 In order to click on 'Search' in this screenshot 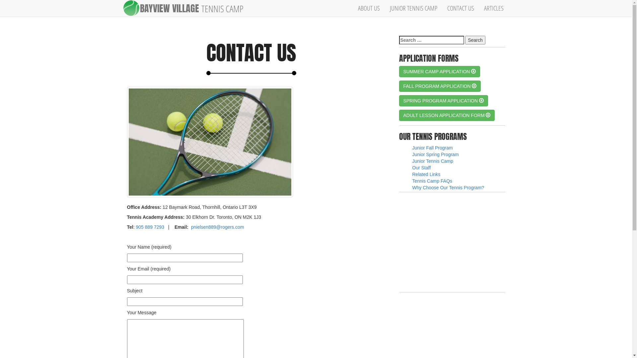, I will do `click(474, 40)`.